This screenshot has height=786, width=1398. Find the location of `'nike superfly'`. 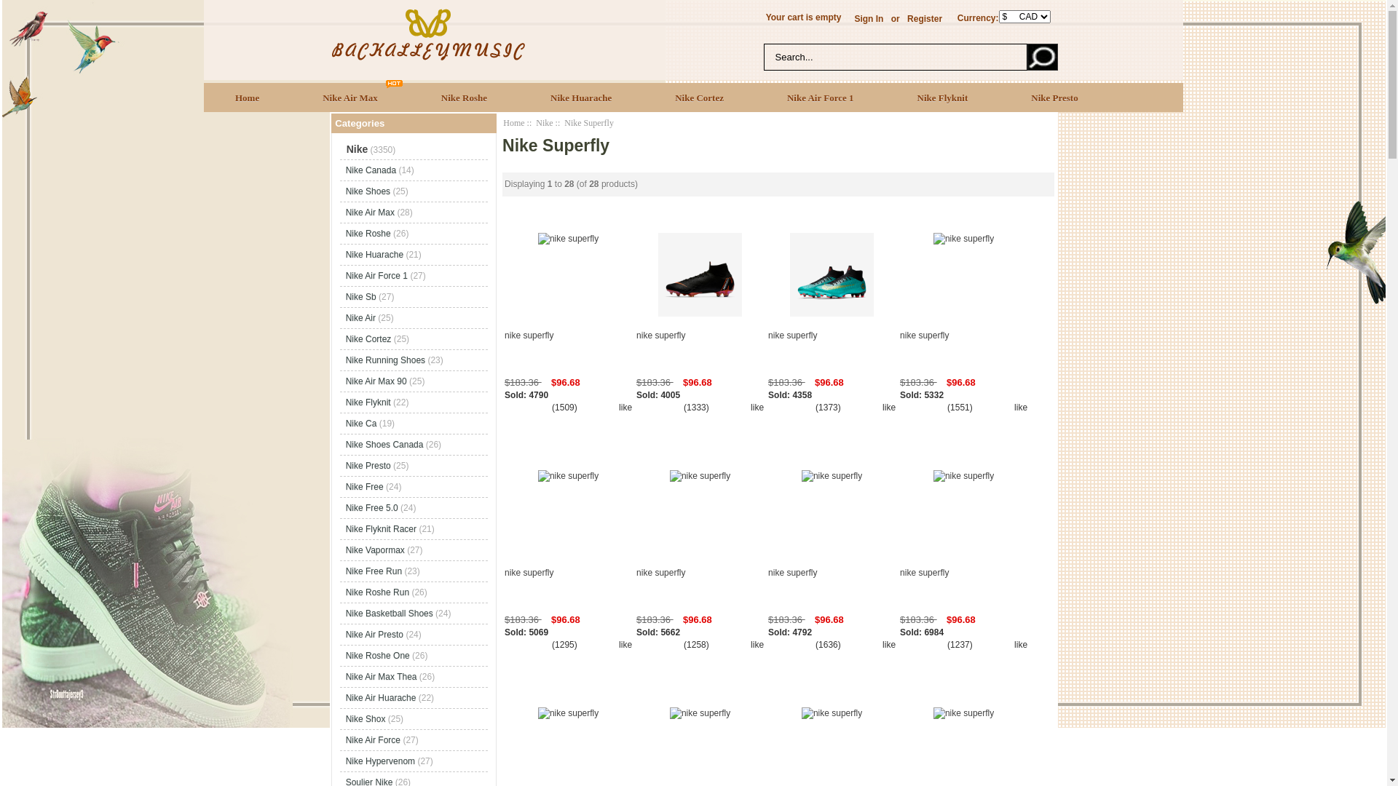

'nike superfly' is located at coordinates (567, 348).